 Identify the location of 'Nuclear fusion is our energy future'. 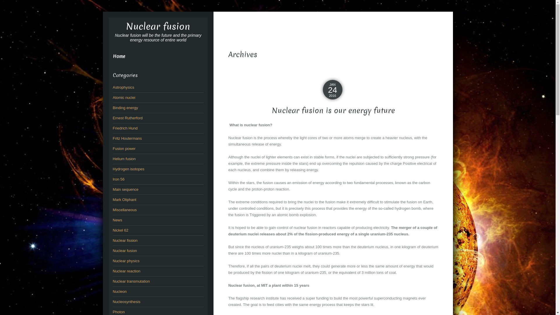
(333, 111).